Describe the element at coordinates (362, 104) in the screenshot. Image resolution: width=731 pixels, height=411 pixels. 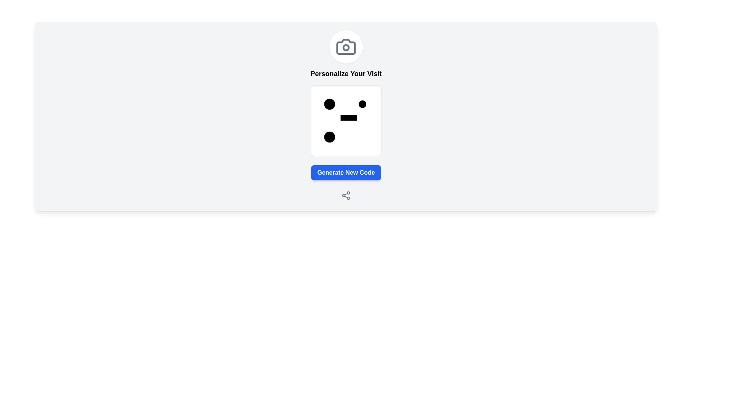
I see `the decorative circle element located in the top-right corner of a white square graphic` at that location.